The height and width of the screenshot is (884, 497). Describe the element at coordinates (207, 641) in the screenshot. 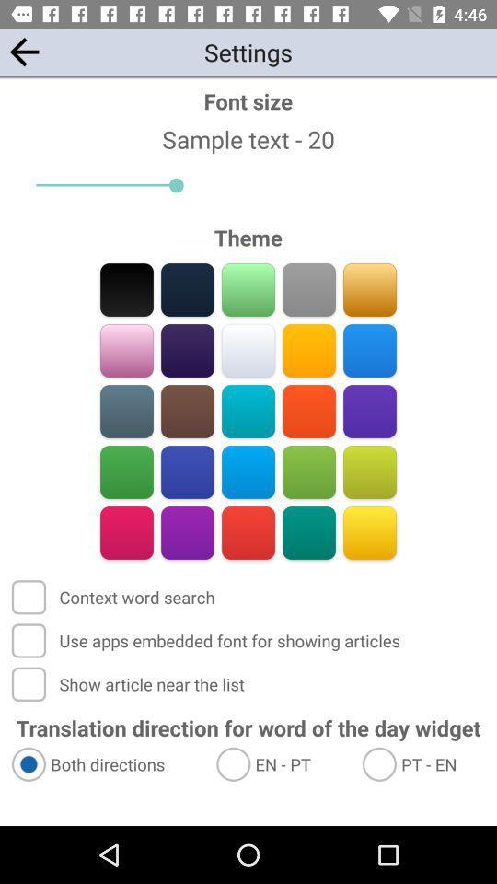

I see `the checkbox above show article near item` at that location.